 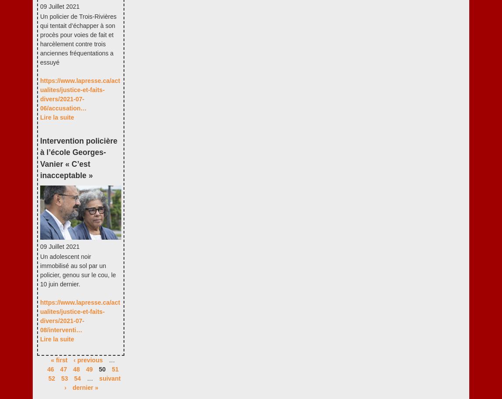 What do you see at coordinates (79, 316) in the screenshot?
I see `'https://www.lapresse.ca/actualites/justice-et-faits-divers/2021-07-08/interventi…'` at bounding box center [79, 316].